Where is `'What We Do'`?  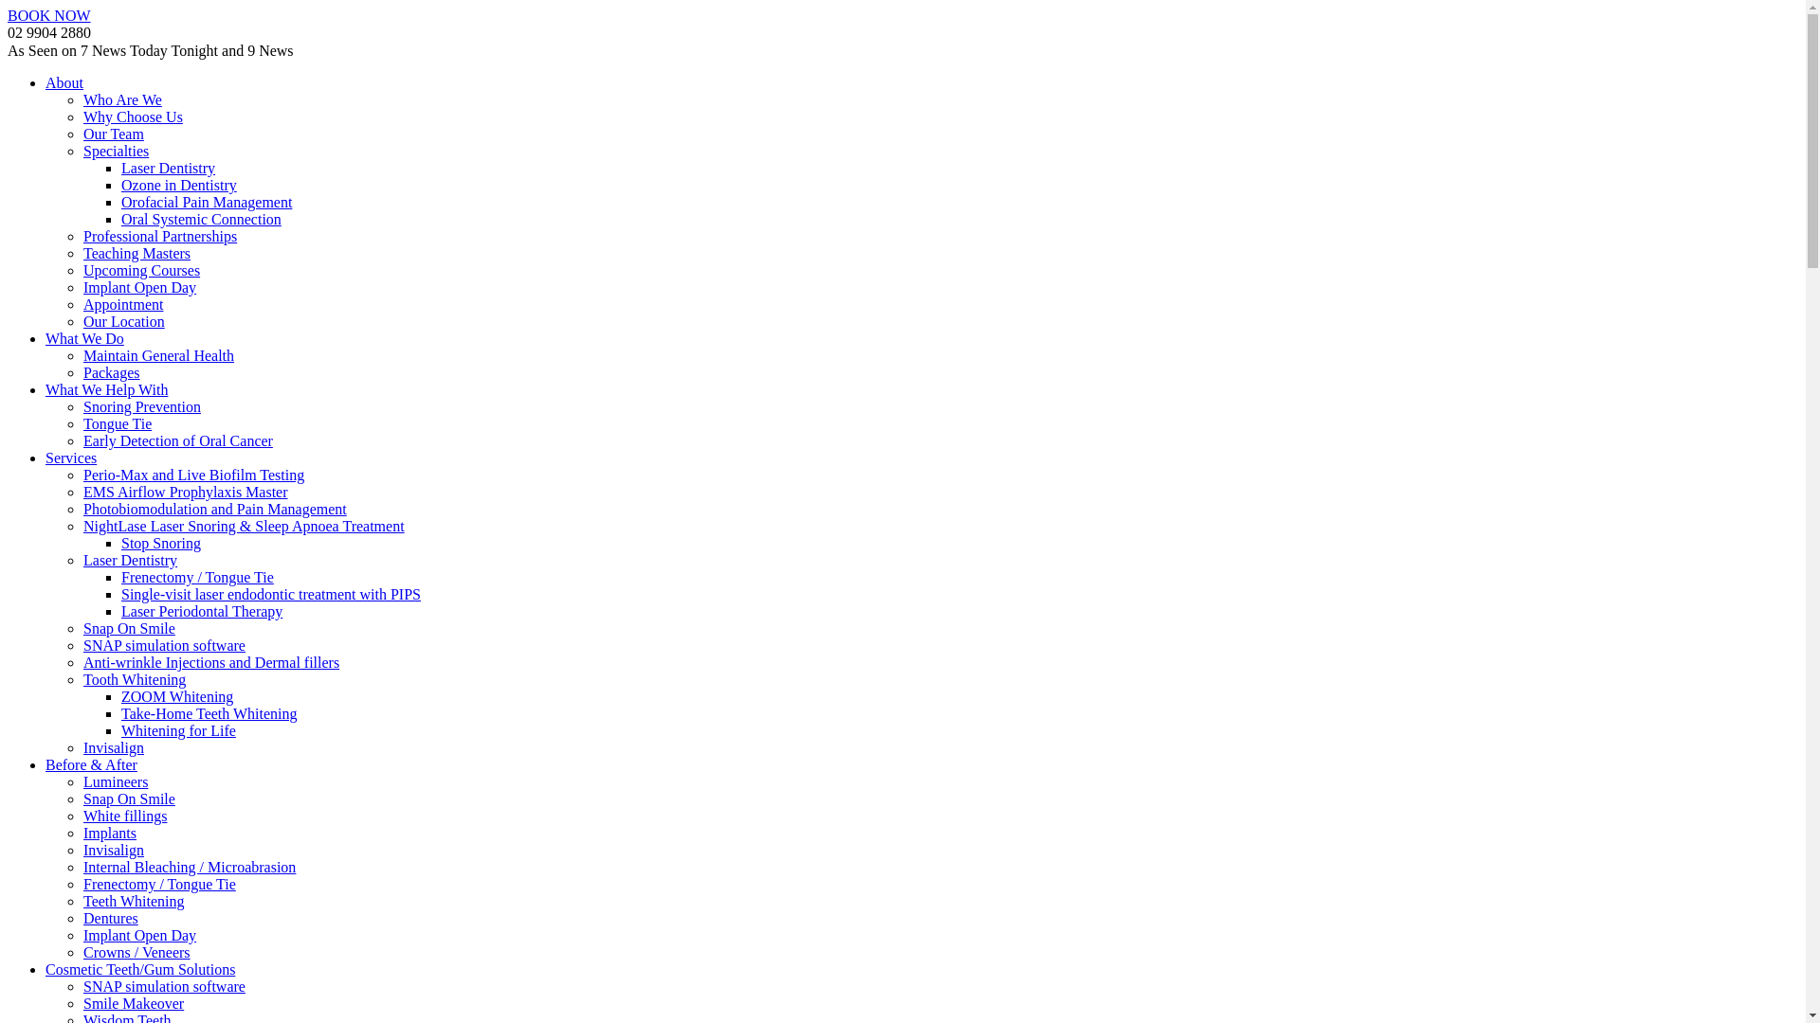
'What We Do' is located at coordinates (83, 337).